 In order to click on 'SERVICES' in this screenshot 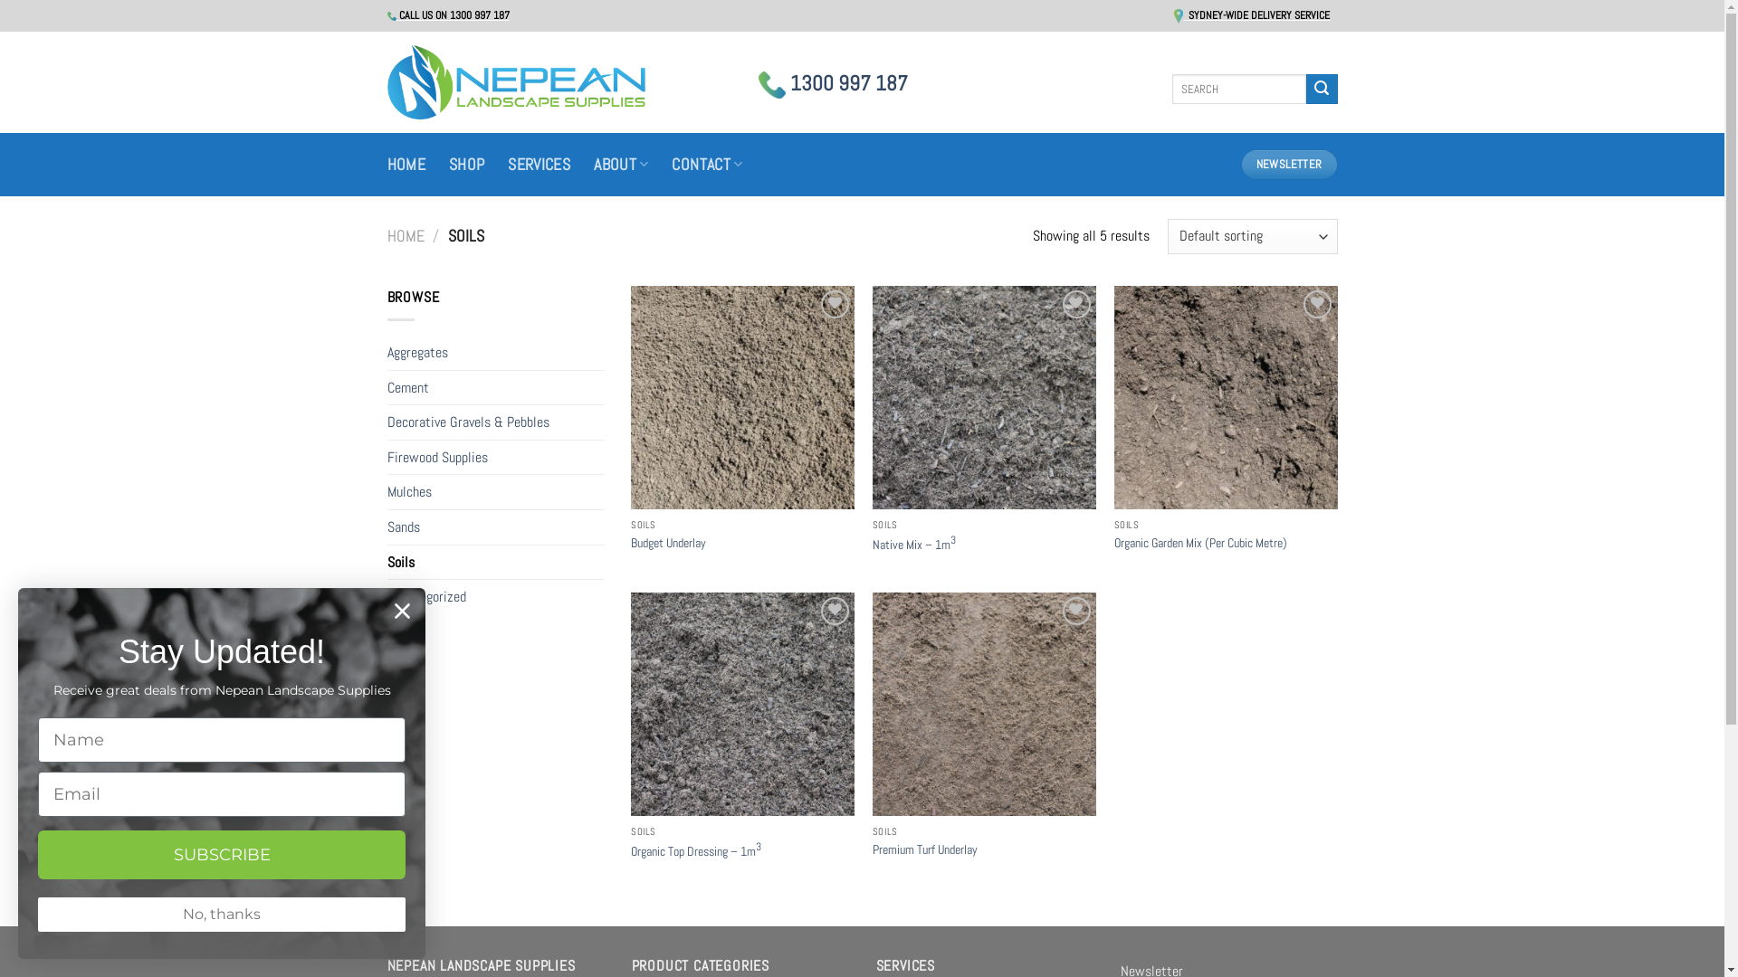, I will do `click(538, 164)`.